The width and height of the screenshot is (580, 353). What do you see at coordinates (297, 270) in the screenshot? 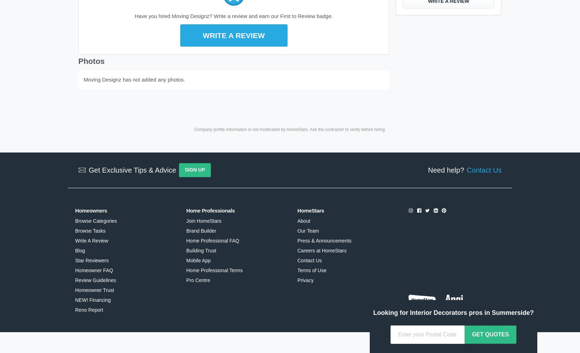
I see `'Terms of Use'` at bounding box center [297, 270].